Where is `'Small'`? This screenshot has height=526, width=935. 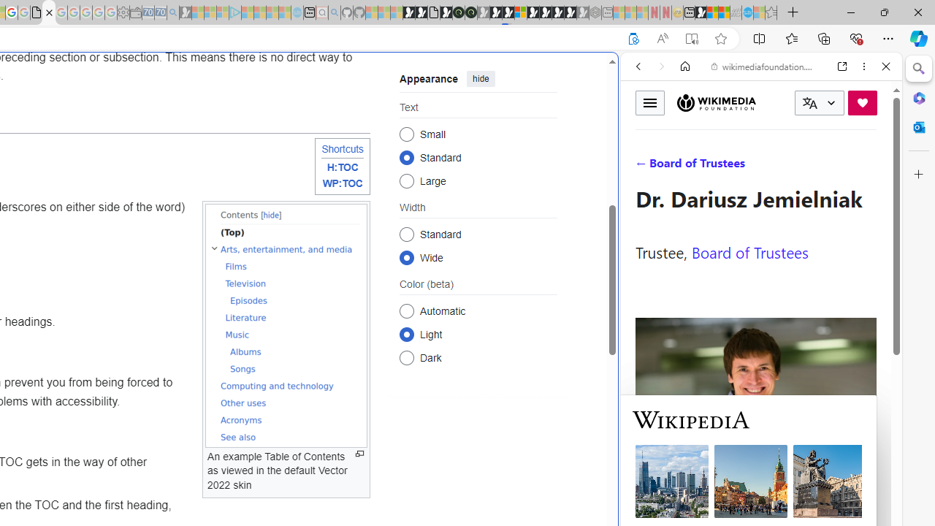
'Small' is located at coordinates (406, 134).